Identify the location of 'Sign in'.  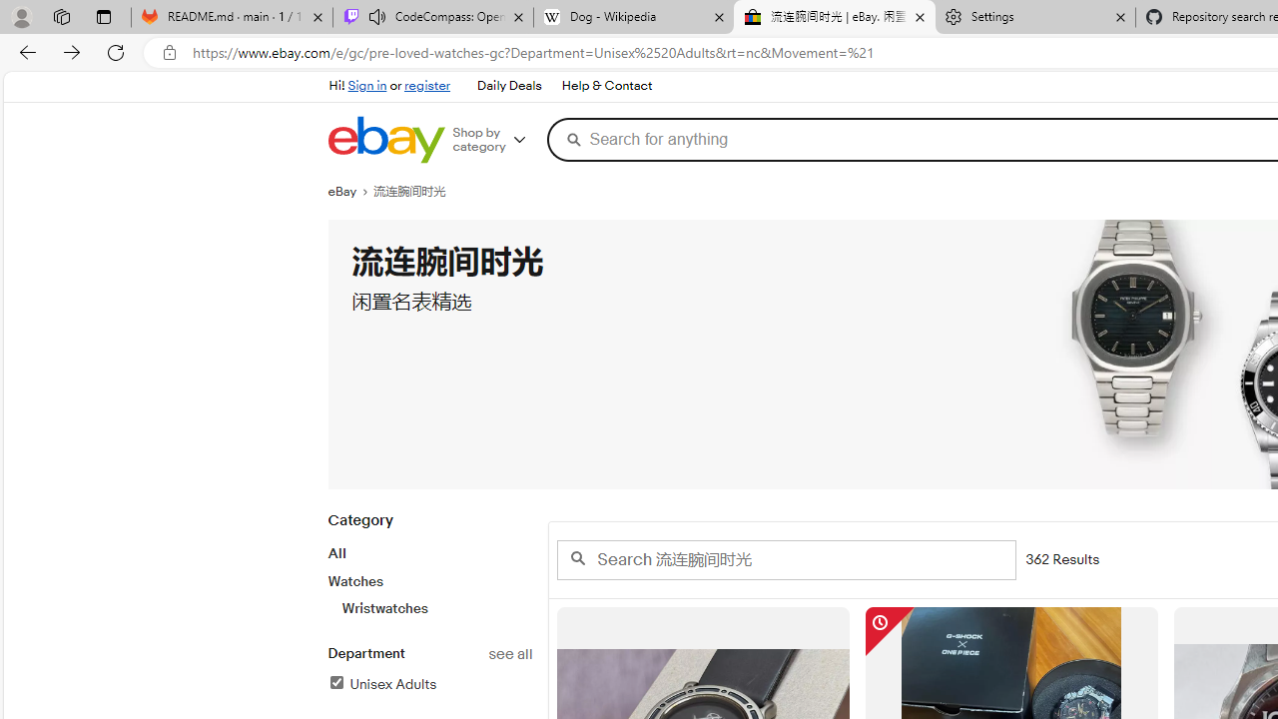
(367, 85).